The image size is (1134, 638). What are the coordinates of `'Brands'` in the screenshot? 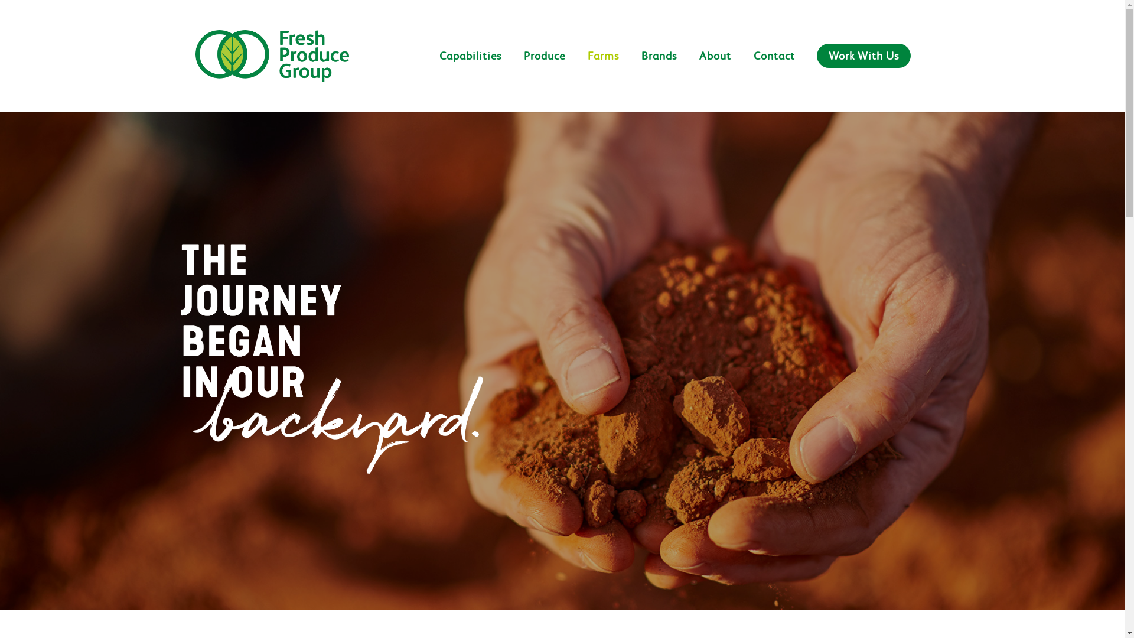 It's located at (630, 70).